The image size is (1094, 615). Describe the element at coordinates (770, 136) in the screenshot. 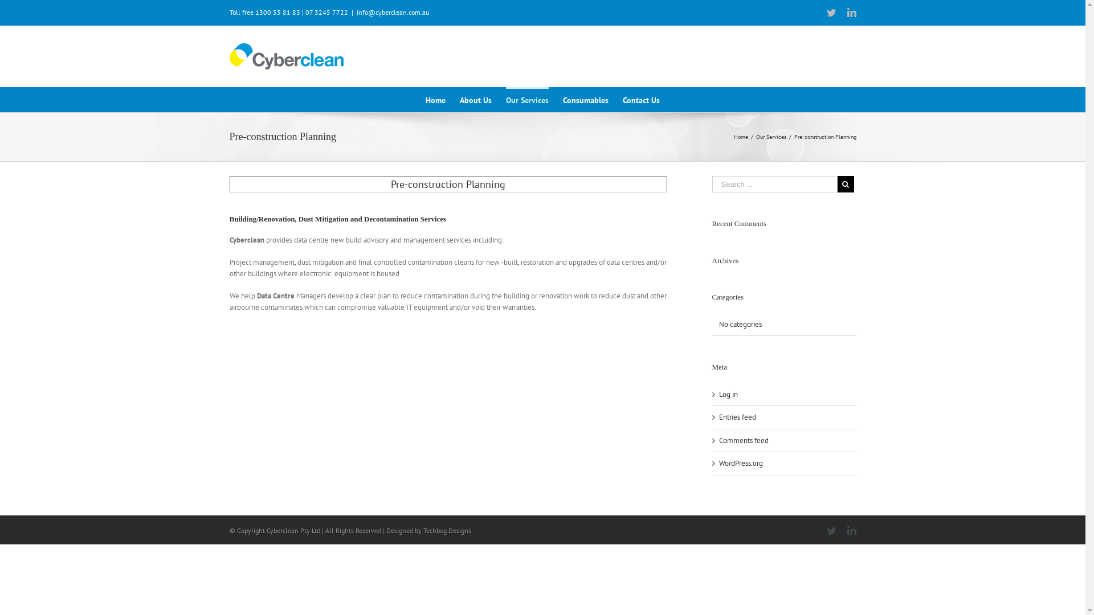

I see `'Our Services'` at that location.